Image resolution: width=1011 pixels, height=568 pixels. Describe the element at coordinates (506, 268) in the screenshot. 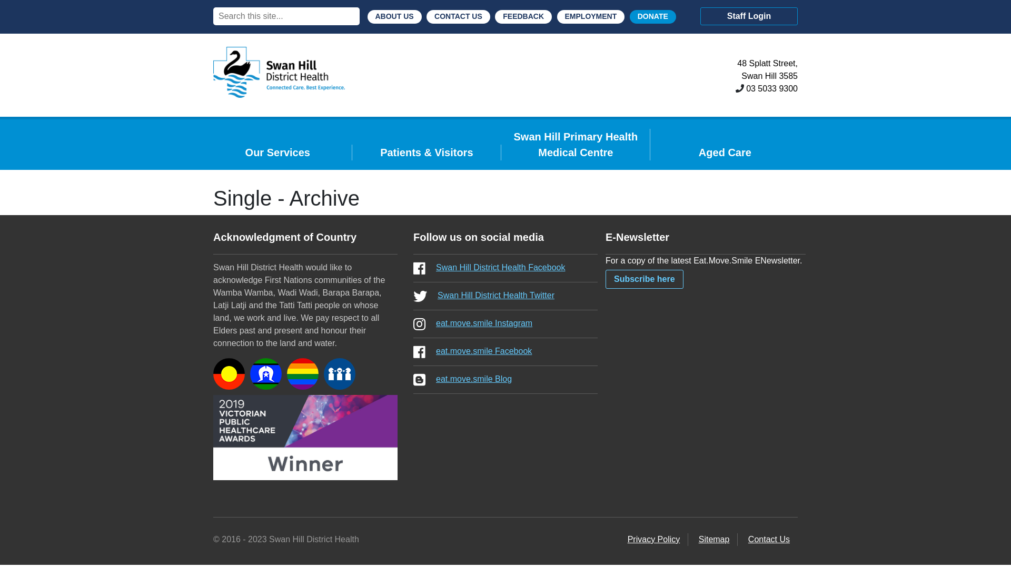

I see `'Swan Hill District Health Facebook'` at that location.